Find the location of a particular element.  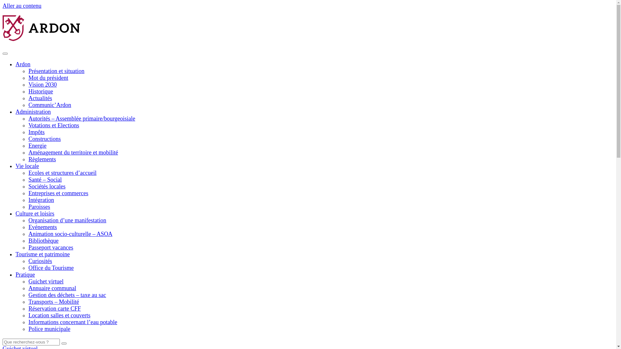

'Passeport vacances' is located at coordinates (28, 247).